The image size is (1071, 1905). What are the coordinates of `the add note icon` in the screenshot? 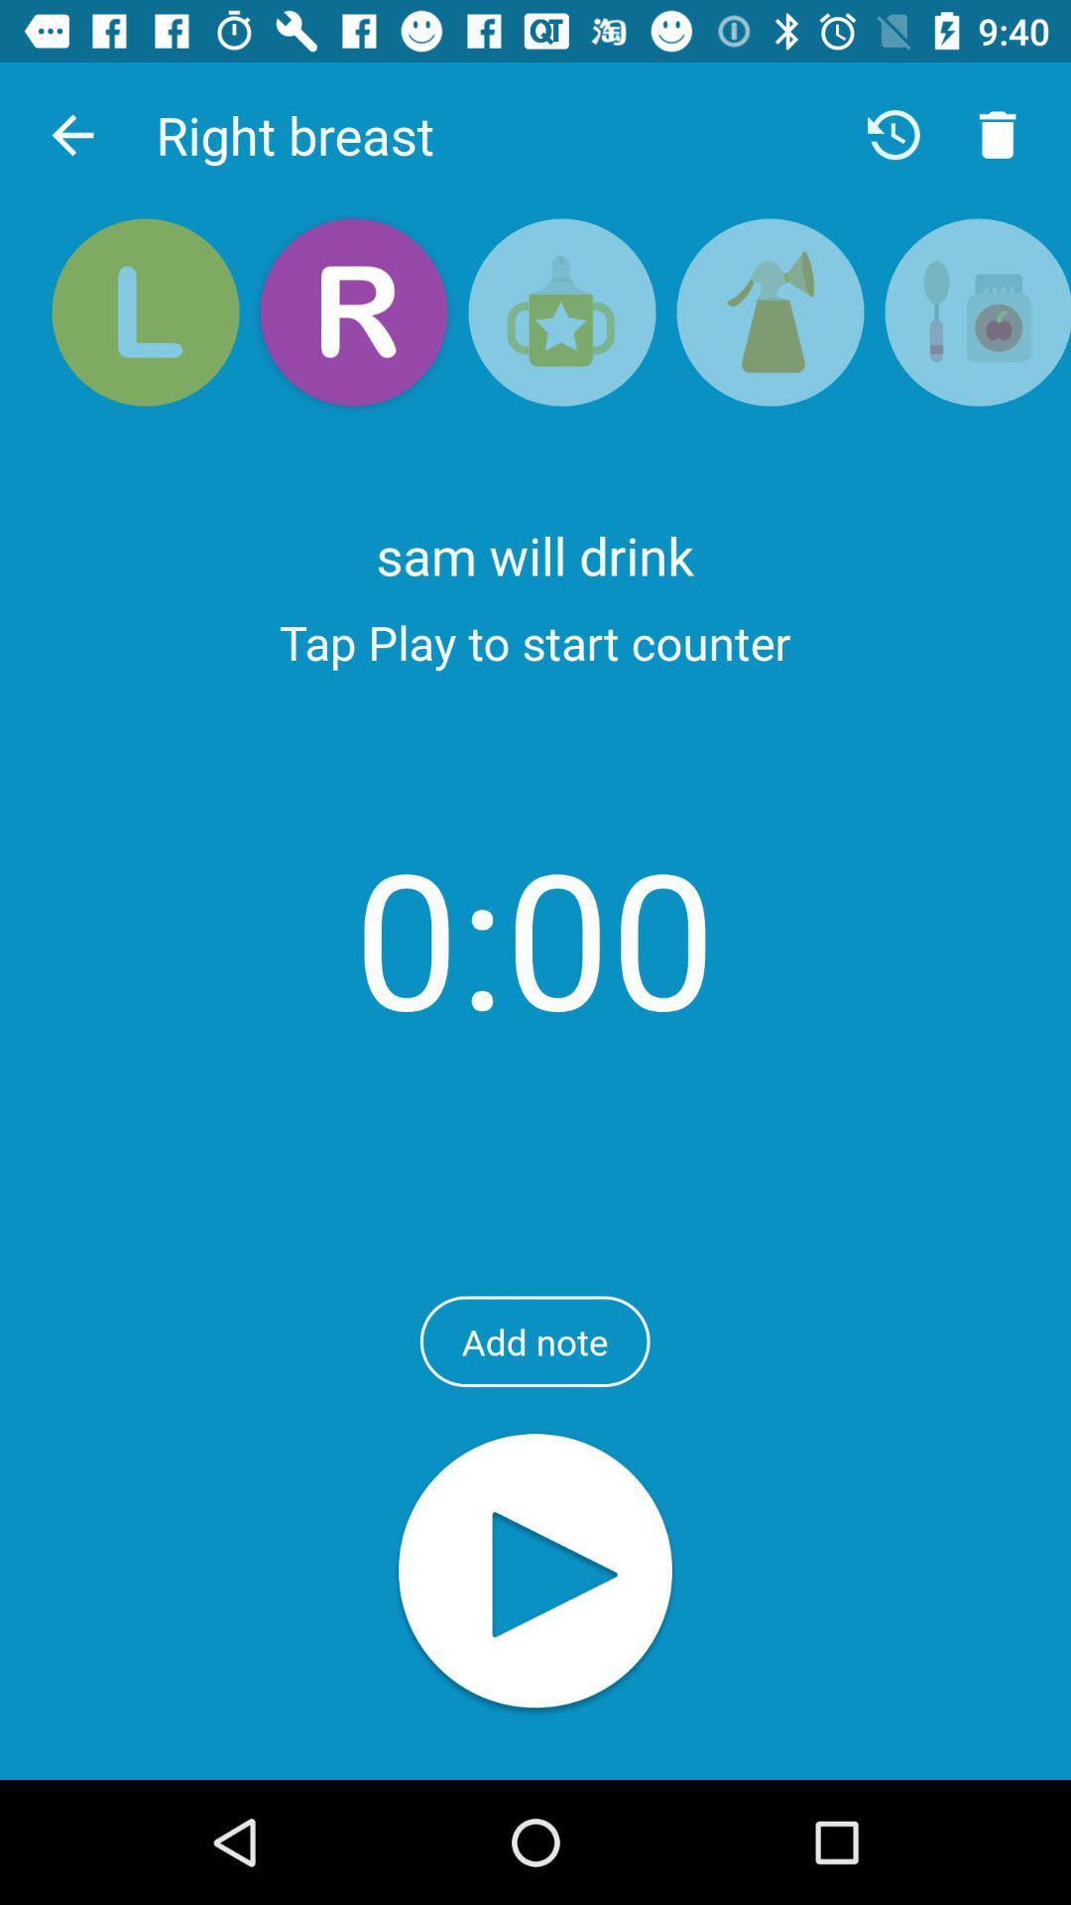 It's located at (534, 1341).